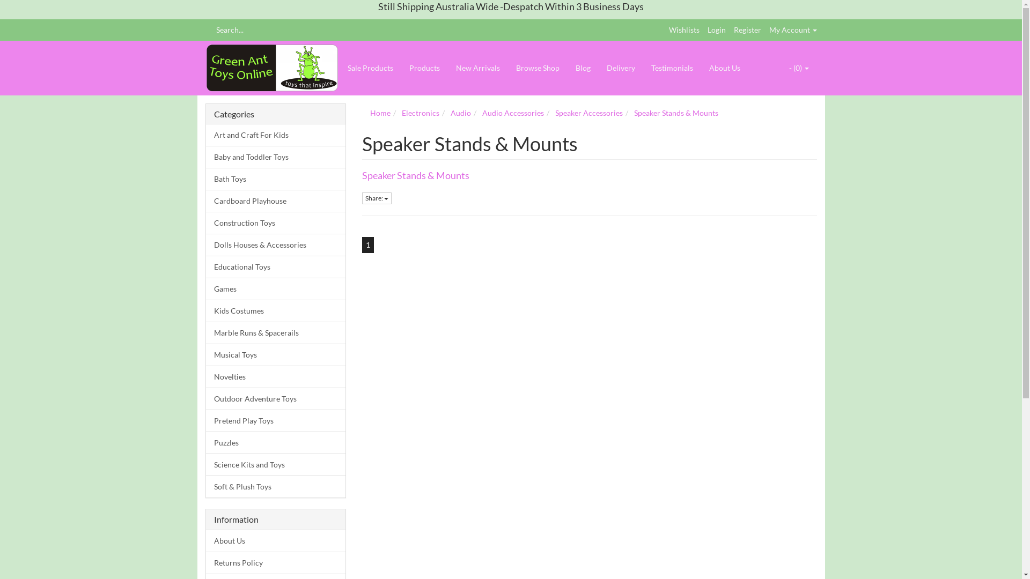 The width and height of the screenshot is (1030, 579). Describe the element at coordinates (420, 113) in the screenshot. I see `'Electronics'` at that location.